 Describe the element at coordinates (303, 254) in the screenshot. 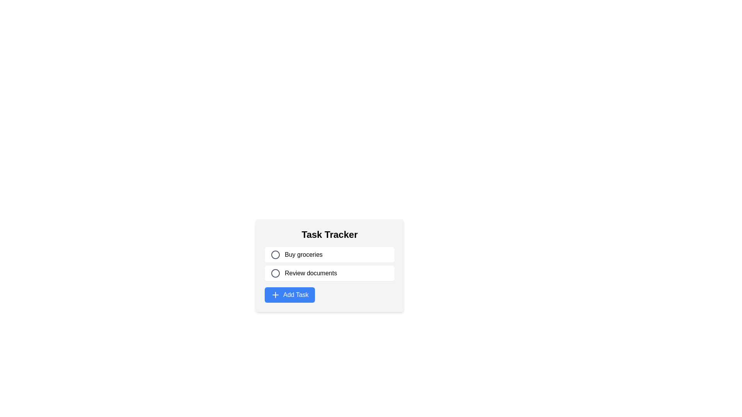

I see `text content of the task title displayed in the text label located within the first task entry of the task tracker interface, positioned to the right of a circular icon` at that location.